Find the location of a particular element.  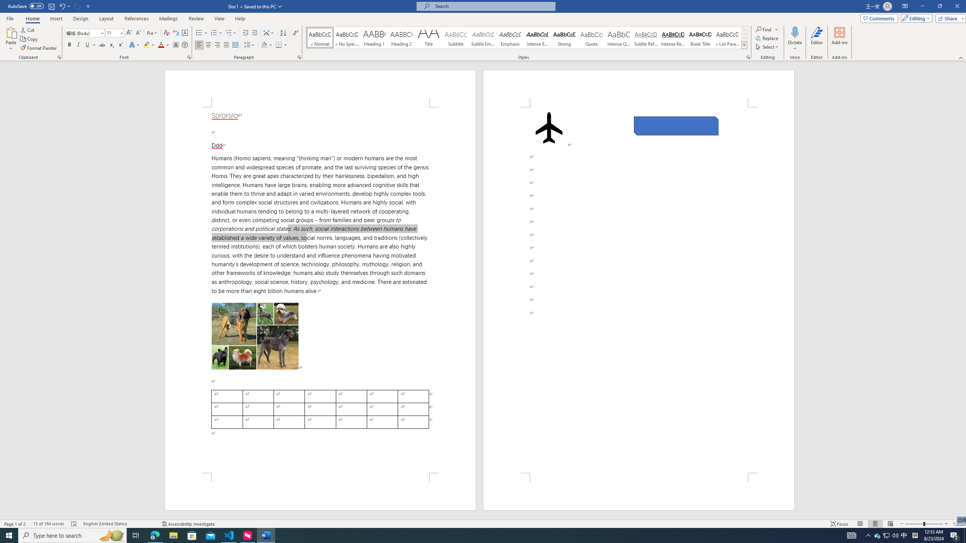

'Print Layout' is located at coordinates (875, 524).